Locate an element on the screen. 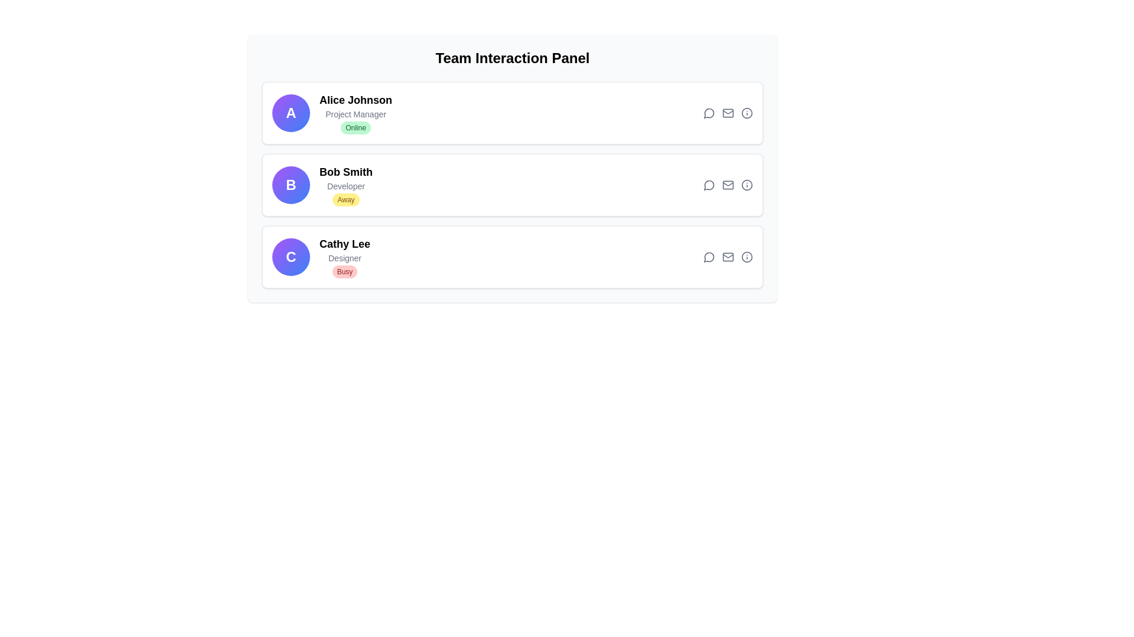  the text label displaying the professional role or title of 'Alice Johnson', which is located below the bold 'Alice Johnson' text and above the green 'Online' badge is located at coordinates (355, 114).